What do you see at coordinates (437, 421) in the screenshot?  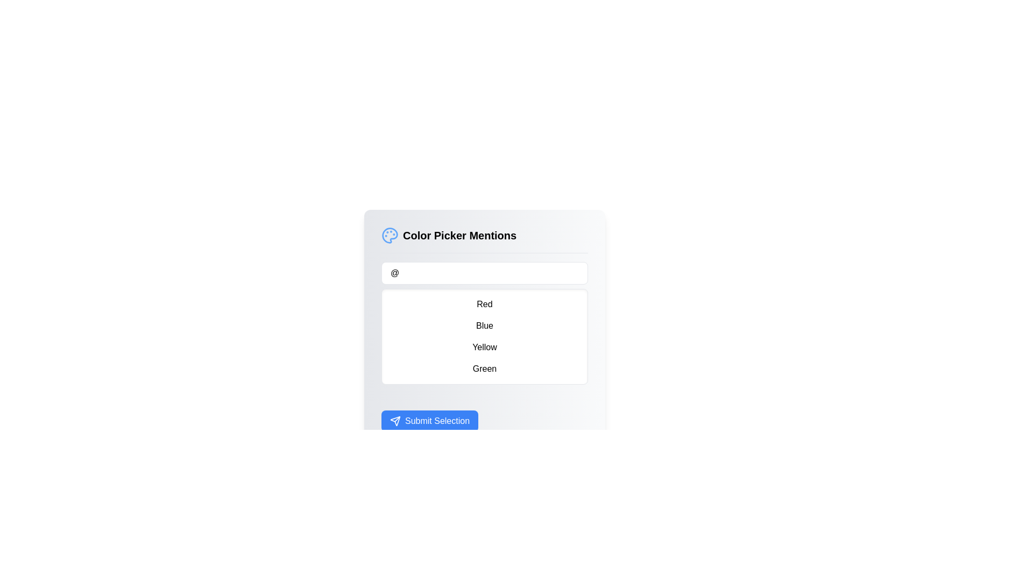 I see `the 'Submit Selection' button, which is a bold white text on a blue background, centrally located at the bottom of the interface` at bounding box center [437, 421].